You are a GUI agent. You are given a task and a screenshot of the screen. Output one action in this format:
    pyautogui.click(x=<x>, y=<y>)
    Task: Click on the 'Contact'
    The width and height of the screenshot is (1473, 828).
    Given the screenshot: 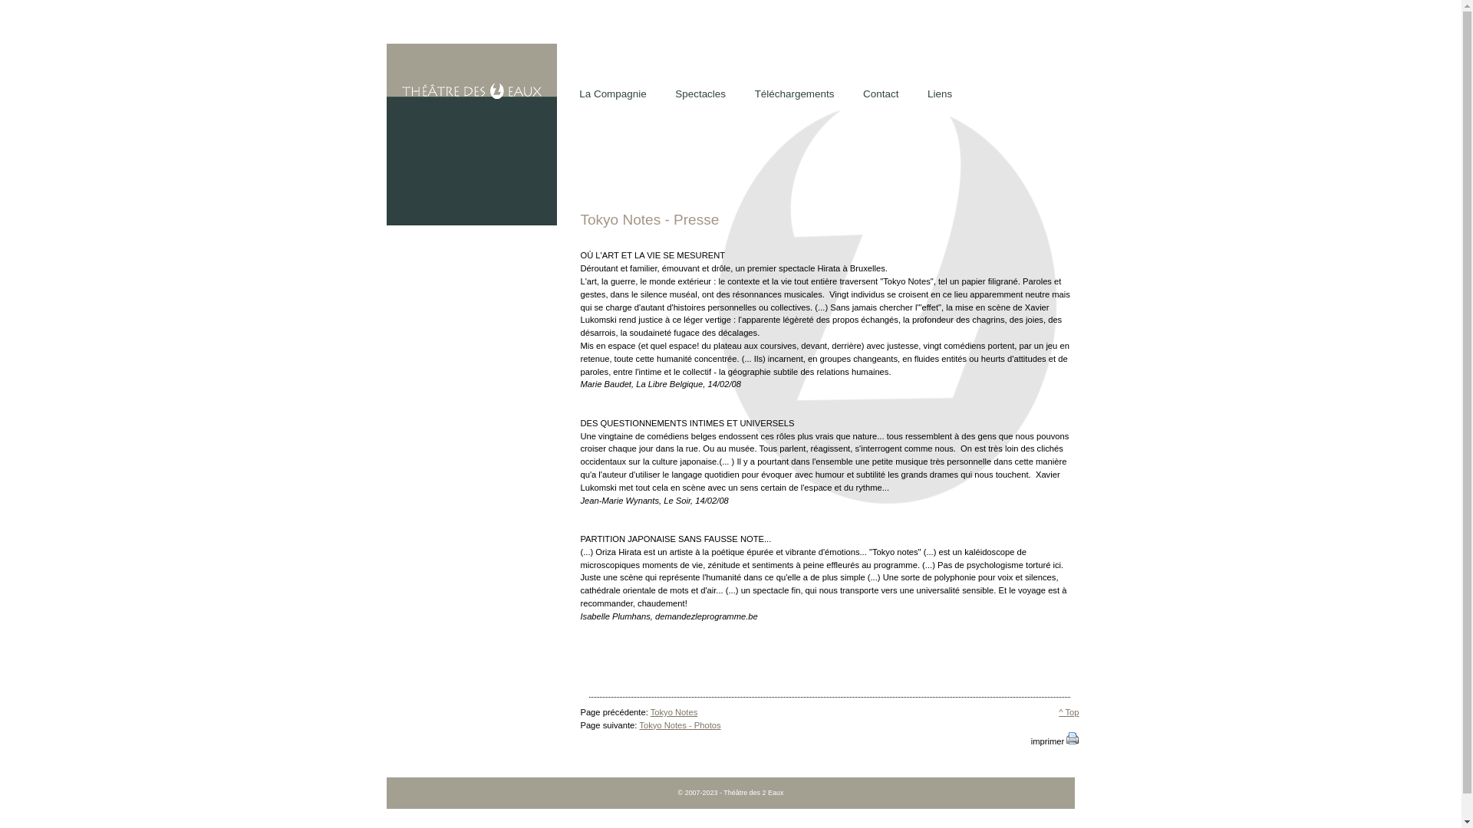 What is the action you would take?
    pyautogui.click(x=847, y=94)
    